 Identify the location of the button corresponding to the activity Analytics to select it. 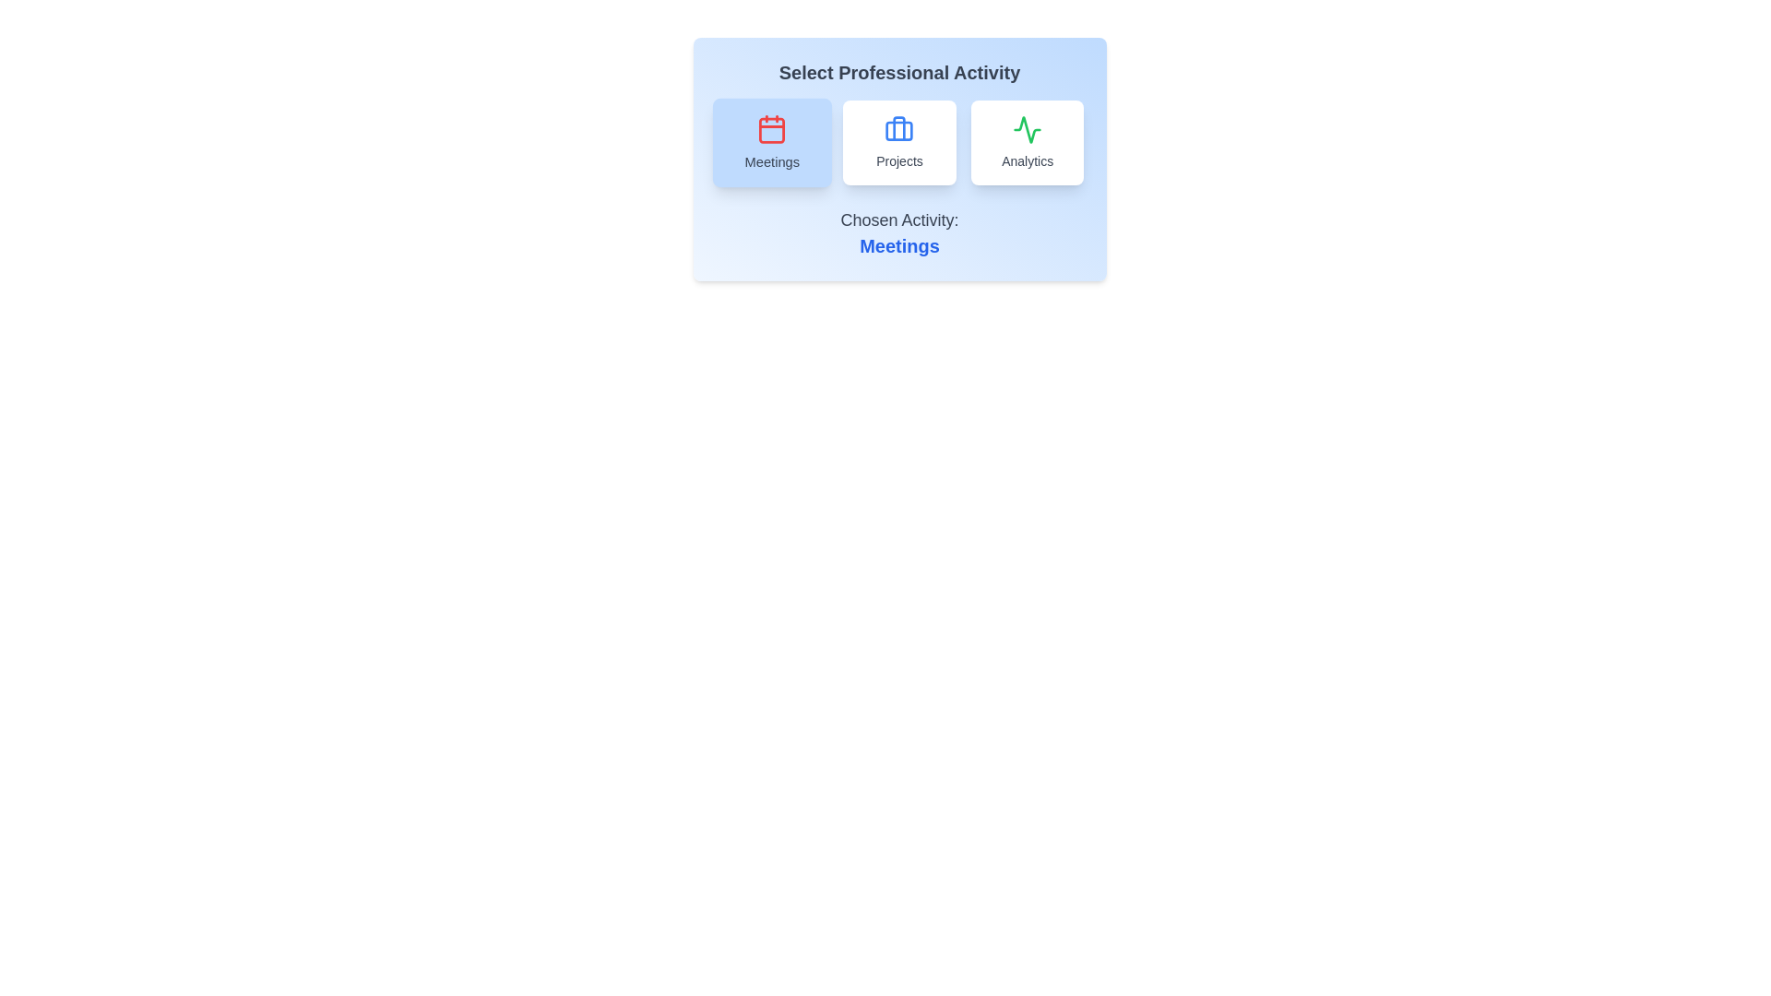
(1027, 141).